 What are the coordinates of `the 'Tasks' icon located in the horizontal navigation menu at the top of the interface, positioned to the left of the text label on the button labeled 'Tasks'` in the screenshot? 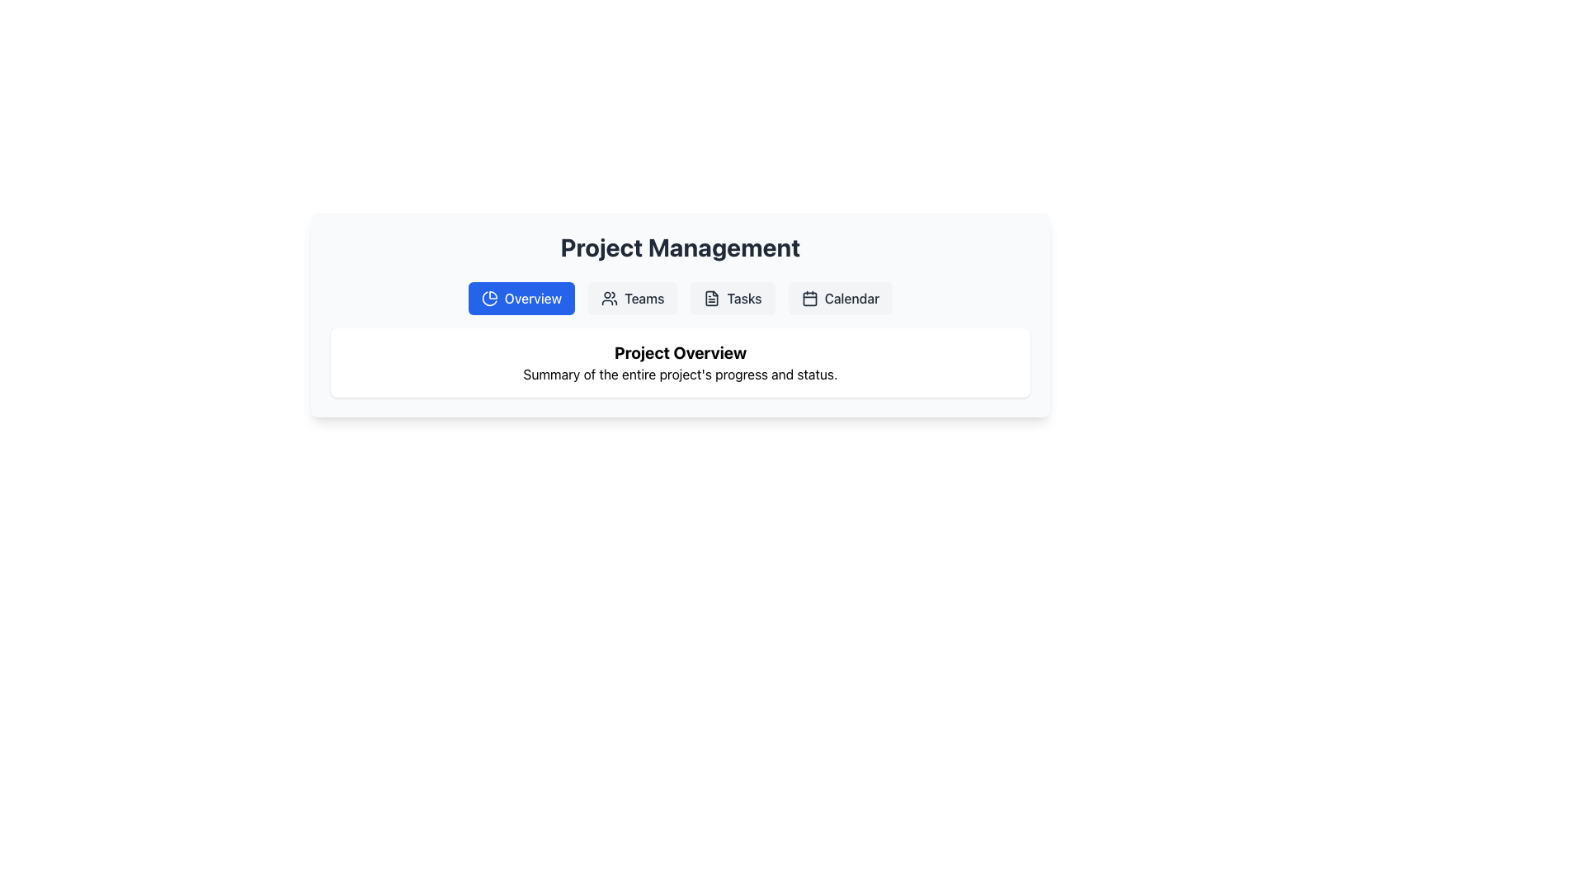 It's located at (712, 299).